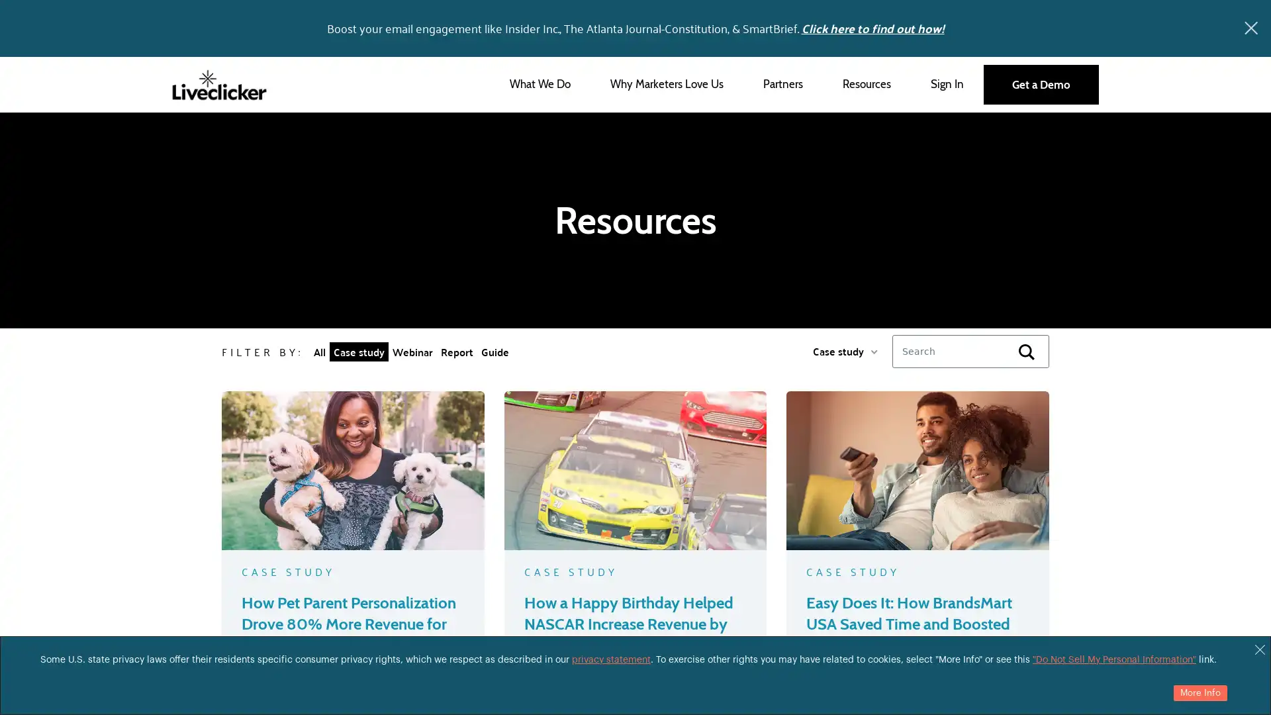 The width and height of the screenshot is (1271, 715). What do you see at coordinates (1250, 28) in the screenshot?
I see `x` at bounding box center [1250, 28].